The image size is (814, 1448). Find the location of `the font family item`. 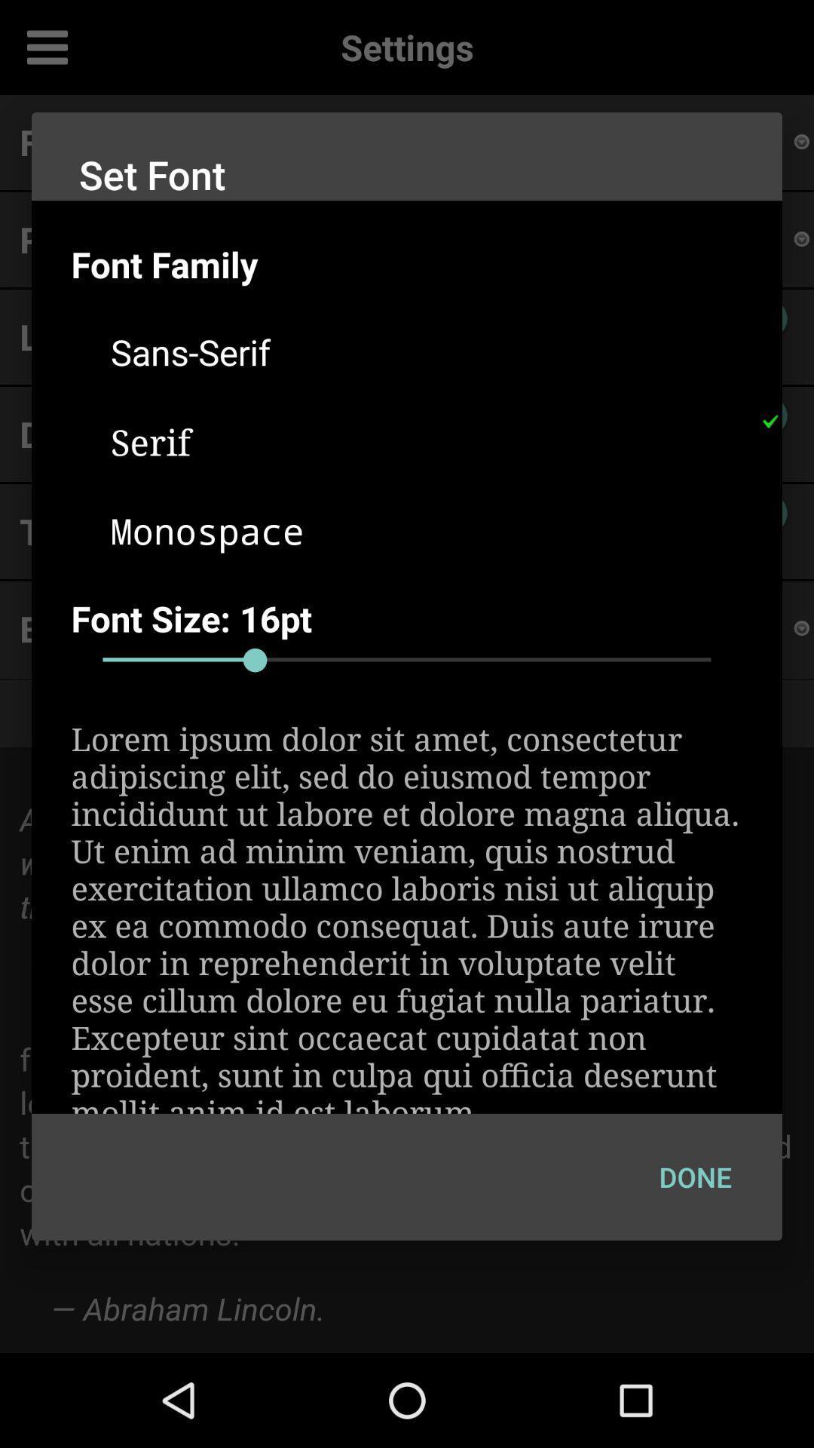

the font family item is located at coordinates (427, 264).